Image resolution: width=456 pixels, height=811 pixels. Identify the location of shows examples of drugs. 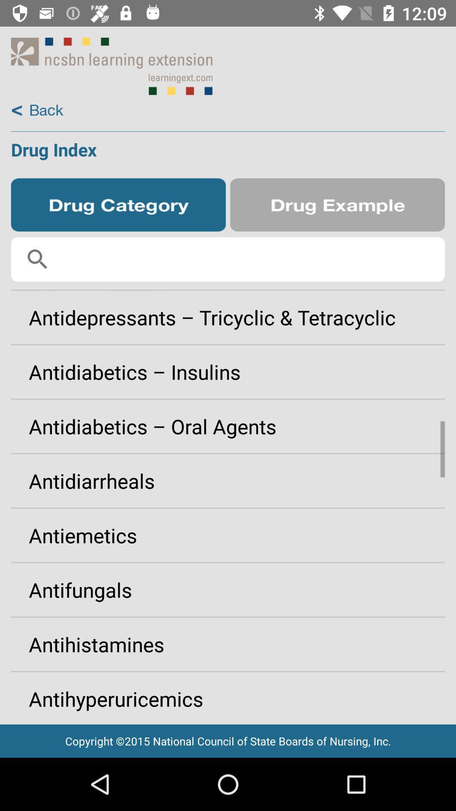
(337, 205).